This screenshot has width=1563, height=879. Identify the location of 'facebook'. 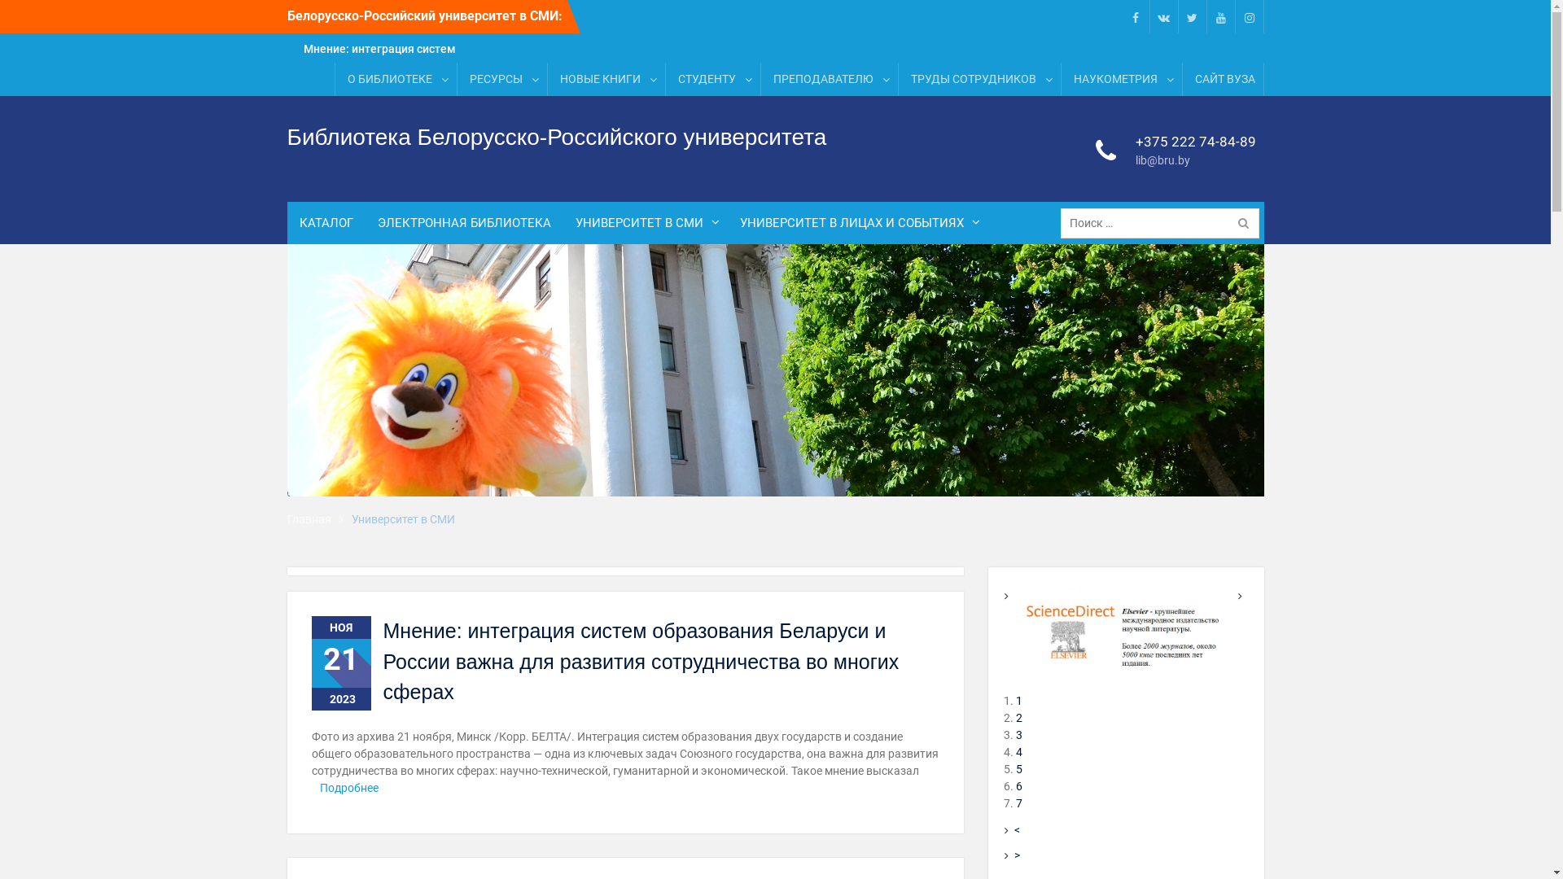
(1133, 16).